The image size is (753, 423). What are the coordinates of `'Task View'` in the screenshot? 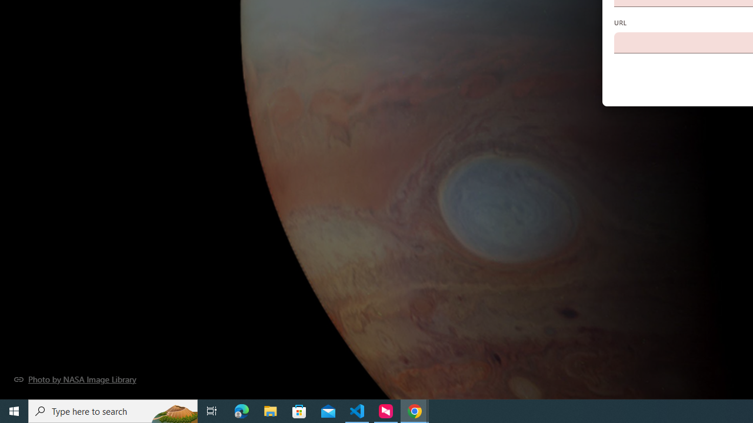 It's located at (211, 410).